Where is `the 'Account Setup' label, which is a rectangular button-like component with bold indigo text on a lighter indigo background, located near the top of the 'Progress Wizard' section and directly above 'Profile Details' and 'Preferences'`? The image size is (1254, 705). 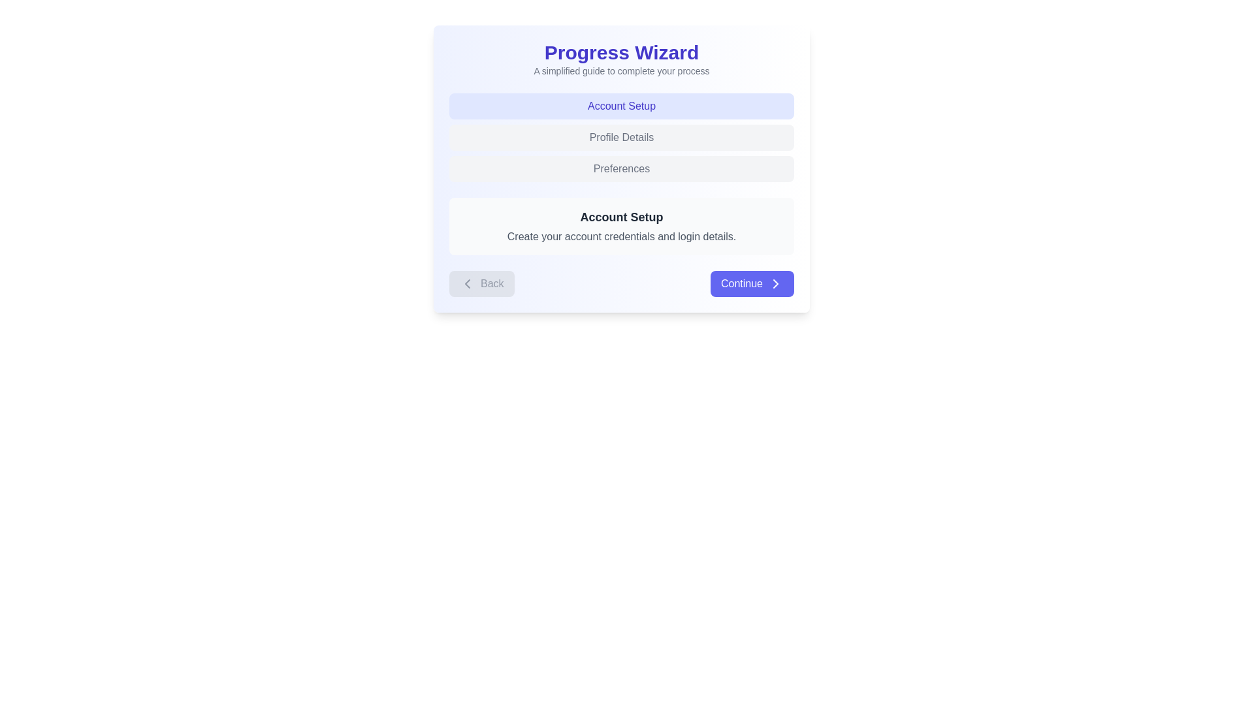
the 'Account Setup' label, which is a rectangular button-like component with bold indigo text on a lighter indigo background, located near the top of the 'Progress Wizard' section and directly above 'Profile Details' and 'Preferences' is located at coordinates (620, 105).